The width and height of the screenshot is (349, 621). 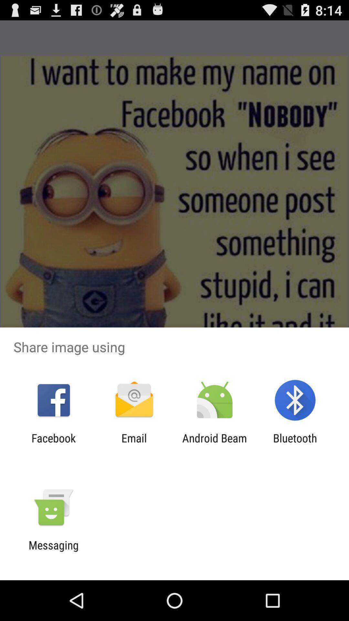 What do you see at coordinates (134, 444) in the screenshot?
I see `the icon next to the facebook app` at bounding box center [134, 444].